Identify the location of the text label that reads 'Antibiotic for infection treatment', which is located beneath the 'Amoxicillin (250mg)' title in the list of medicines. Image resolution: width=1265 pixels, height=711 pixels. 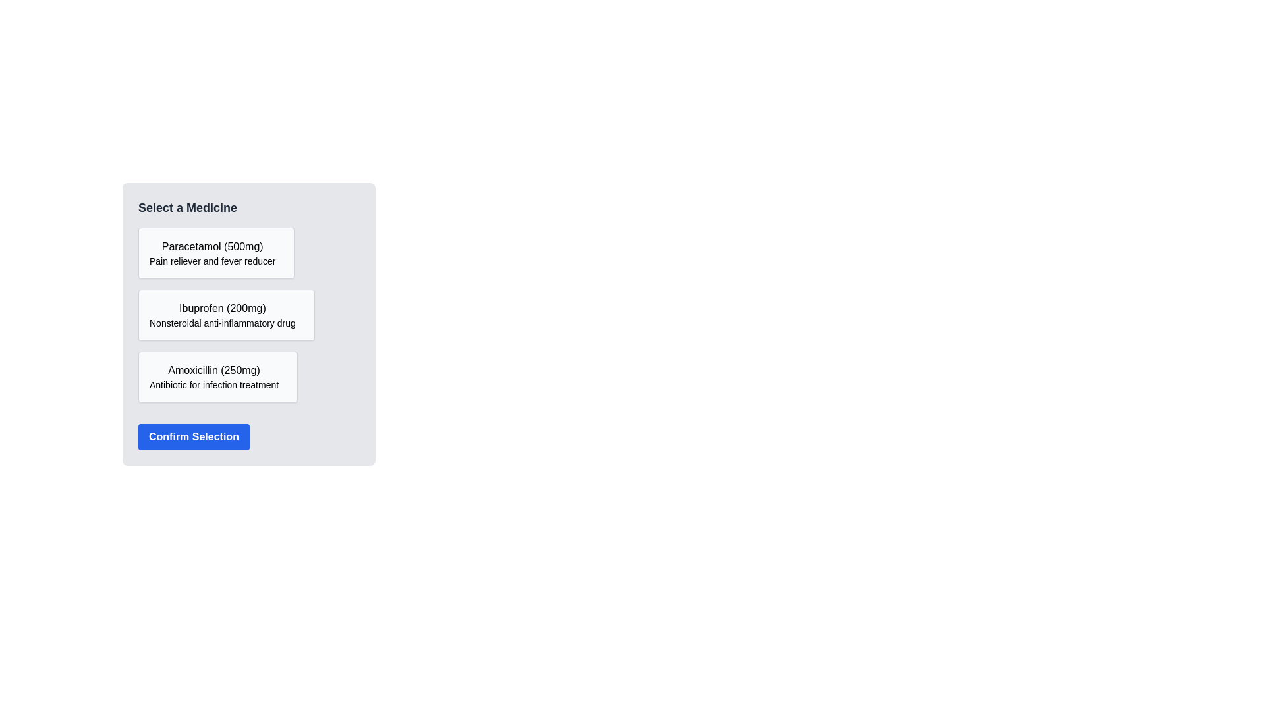
(214, 385).